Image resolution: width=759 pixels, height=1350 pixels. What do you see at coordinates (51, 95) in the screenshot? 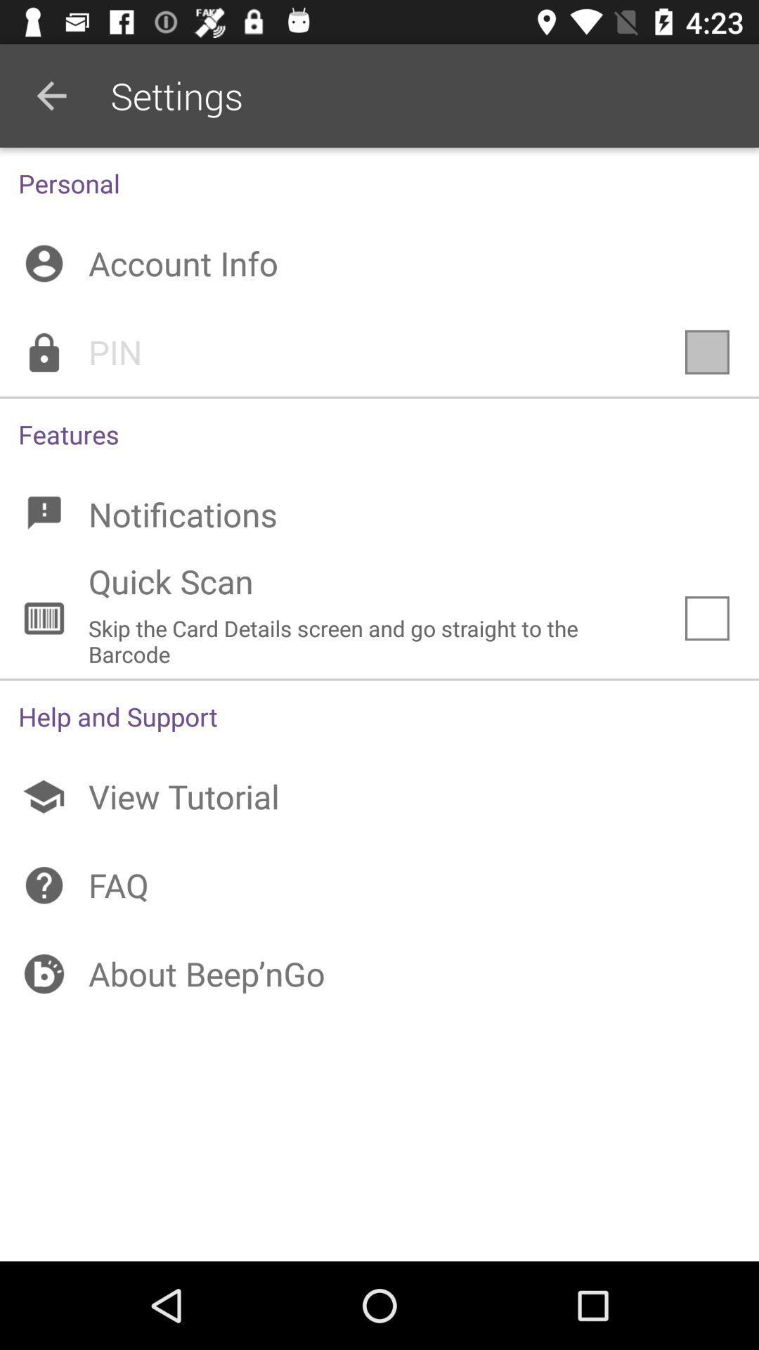
I see `the app to the left of the settings icon` at bounding box center [51, 95].